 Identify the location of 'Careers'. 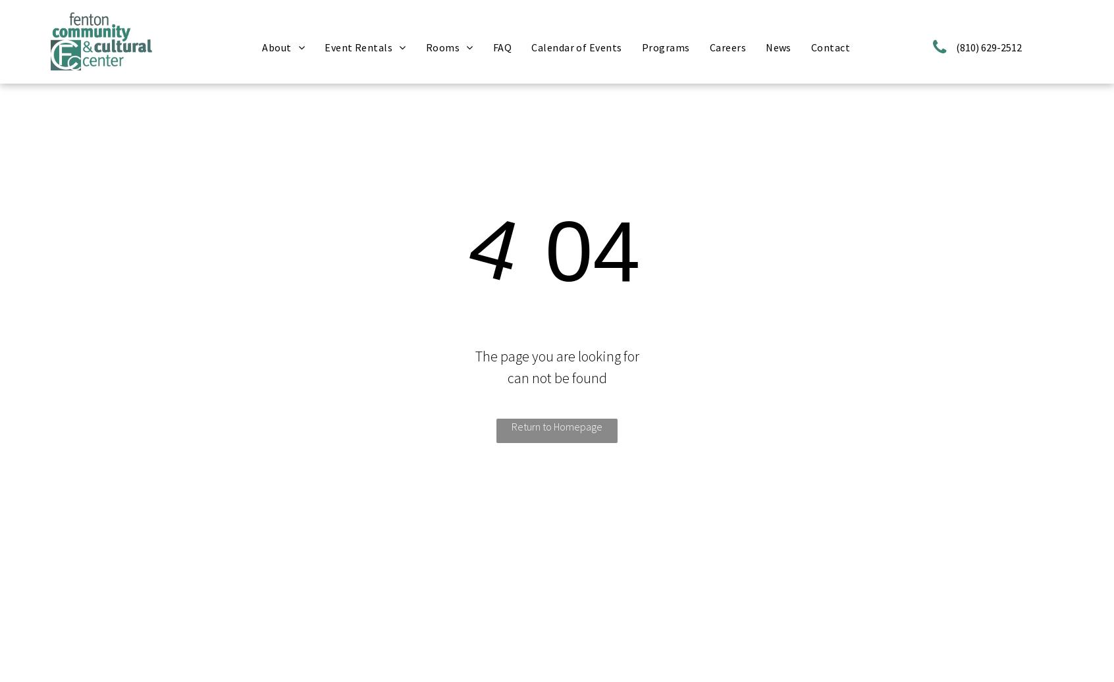
(708, 46).